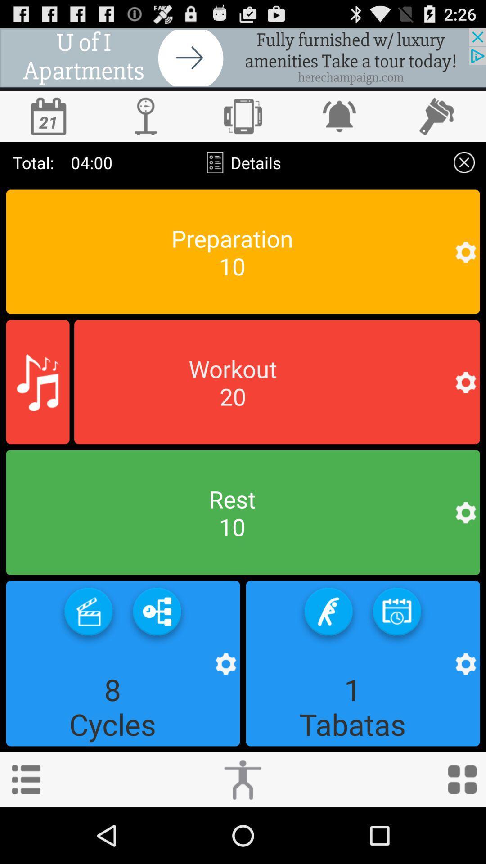  I want to click on the song, so click(37, 382).